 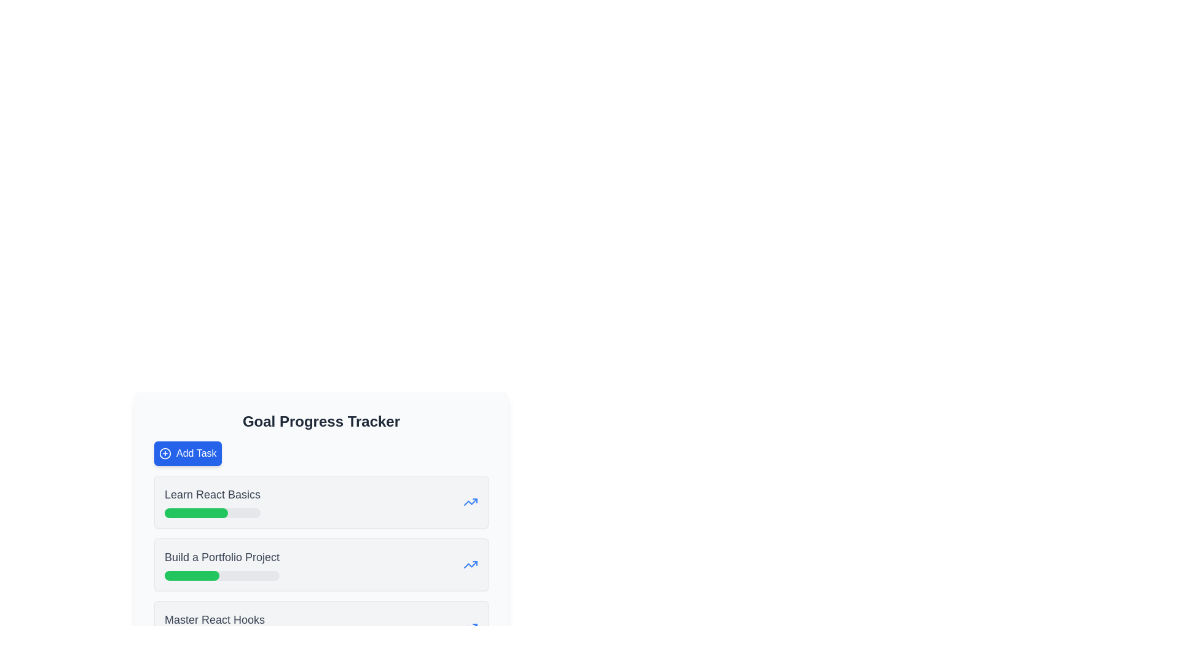 What do you see at coordinates (212, 494) in the screenshot?
I see `displayed text from the title label of a task within a progress tracker application, located at the top-left of a rectangular card above a green progress bar` at bounding box center [212, 494].